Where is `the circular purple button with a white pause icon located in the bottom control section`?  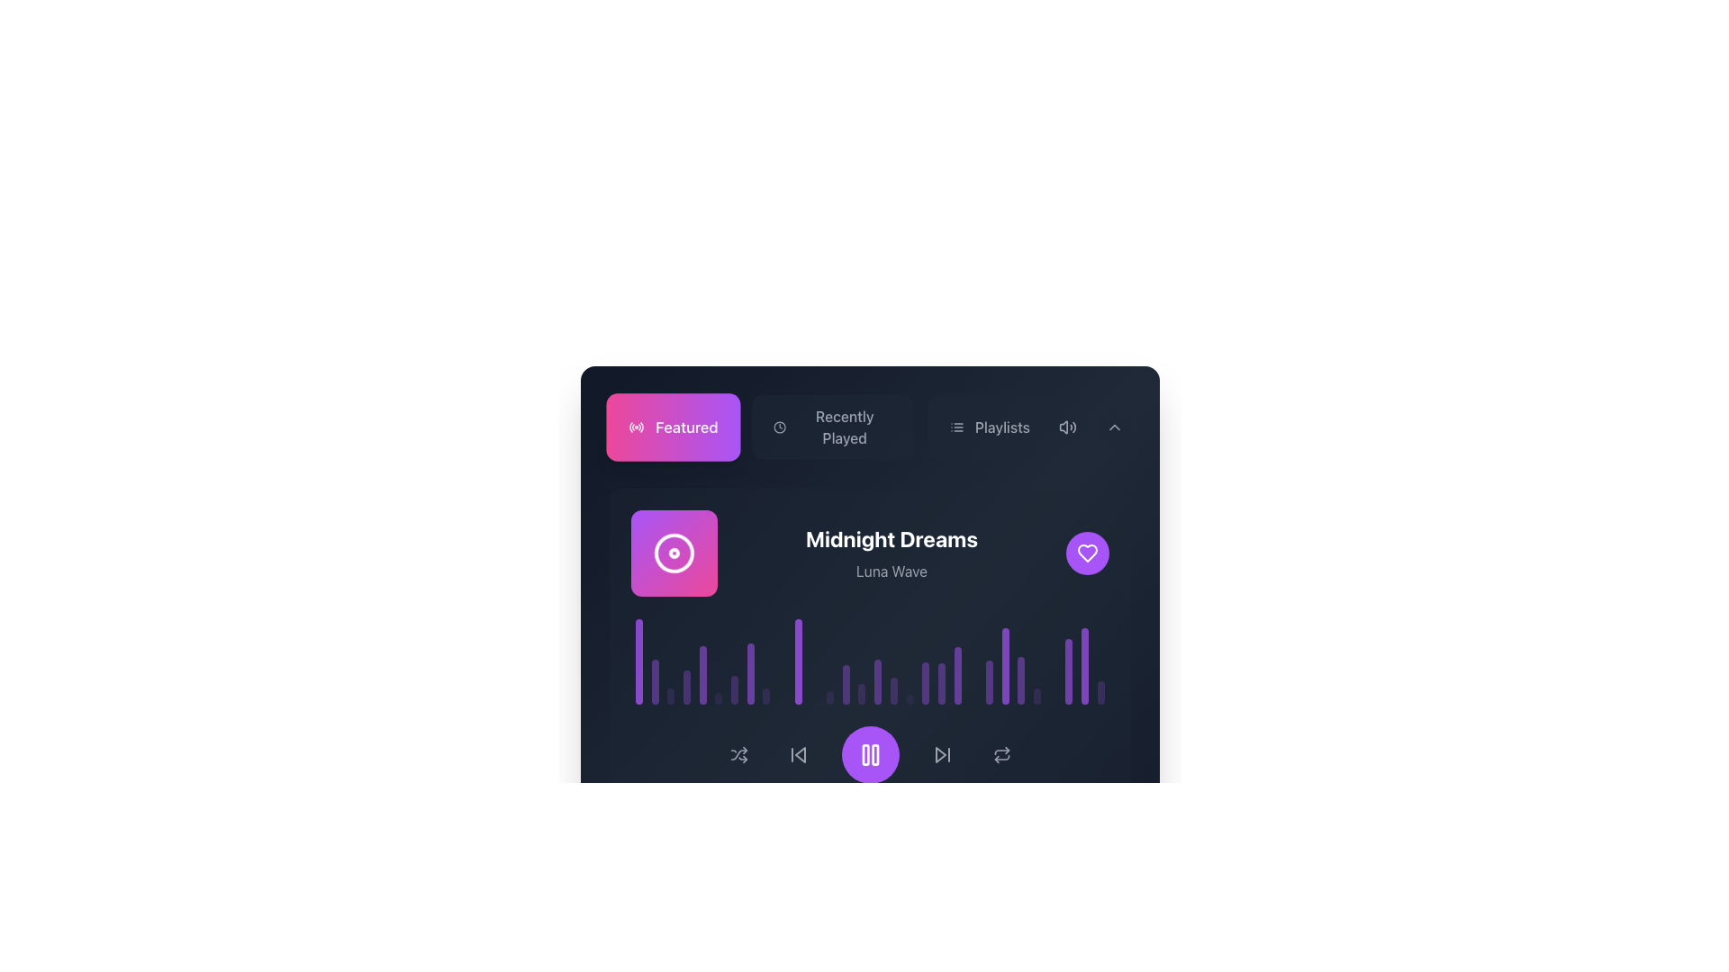
the circular purple button with a white pause icon located in the bottom control section is located at coordinates (870, 755).